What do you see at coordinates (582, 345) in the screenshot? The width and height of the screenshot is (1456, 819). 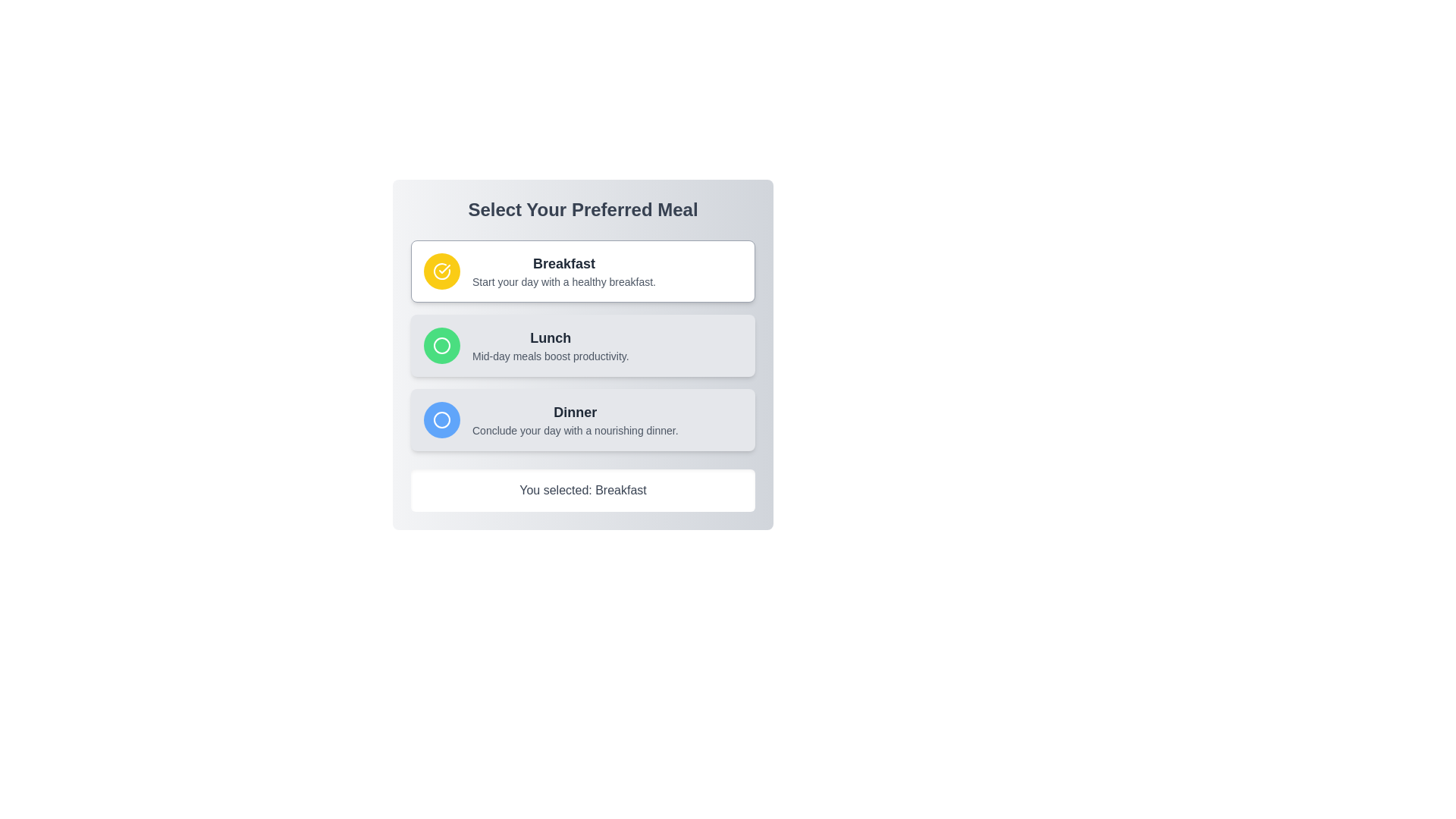 I see `the 'Lunch' selectable list item in the meal selection interface` at bounding box center [582, 345].